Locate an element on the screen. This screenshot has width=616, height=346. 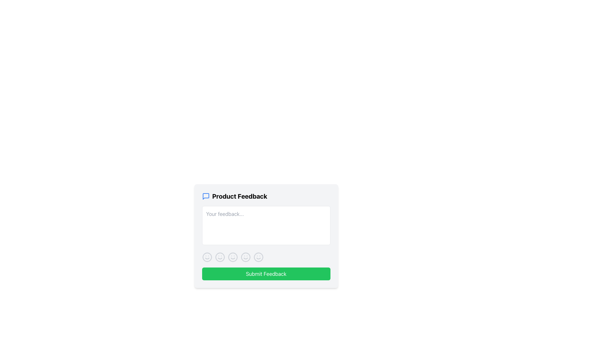
the second icon button in the horizontal row below the 'Product Feedback' text area, which represents a neutral or content reaction is located at coordinates (220, 257).